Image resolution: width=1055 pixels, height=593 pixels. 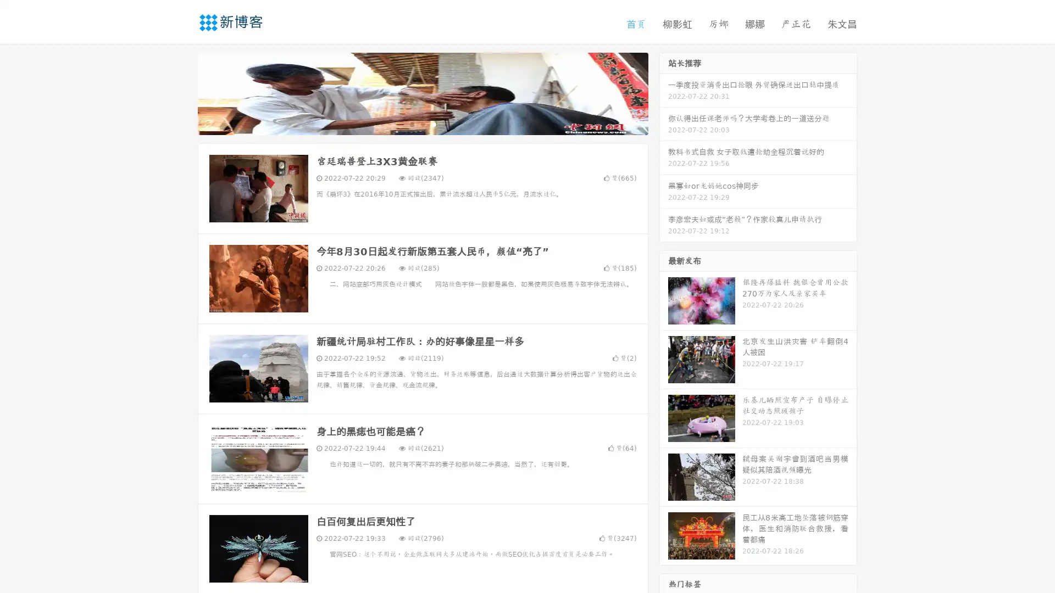 What do you see at coordinates (664, 92) in the screenshot?
I see `Next slide` at bounding box center [664, 92].